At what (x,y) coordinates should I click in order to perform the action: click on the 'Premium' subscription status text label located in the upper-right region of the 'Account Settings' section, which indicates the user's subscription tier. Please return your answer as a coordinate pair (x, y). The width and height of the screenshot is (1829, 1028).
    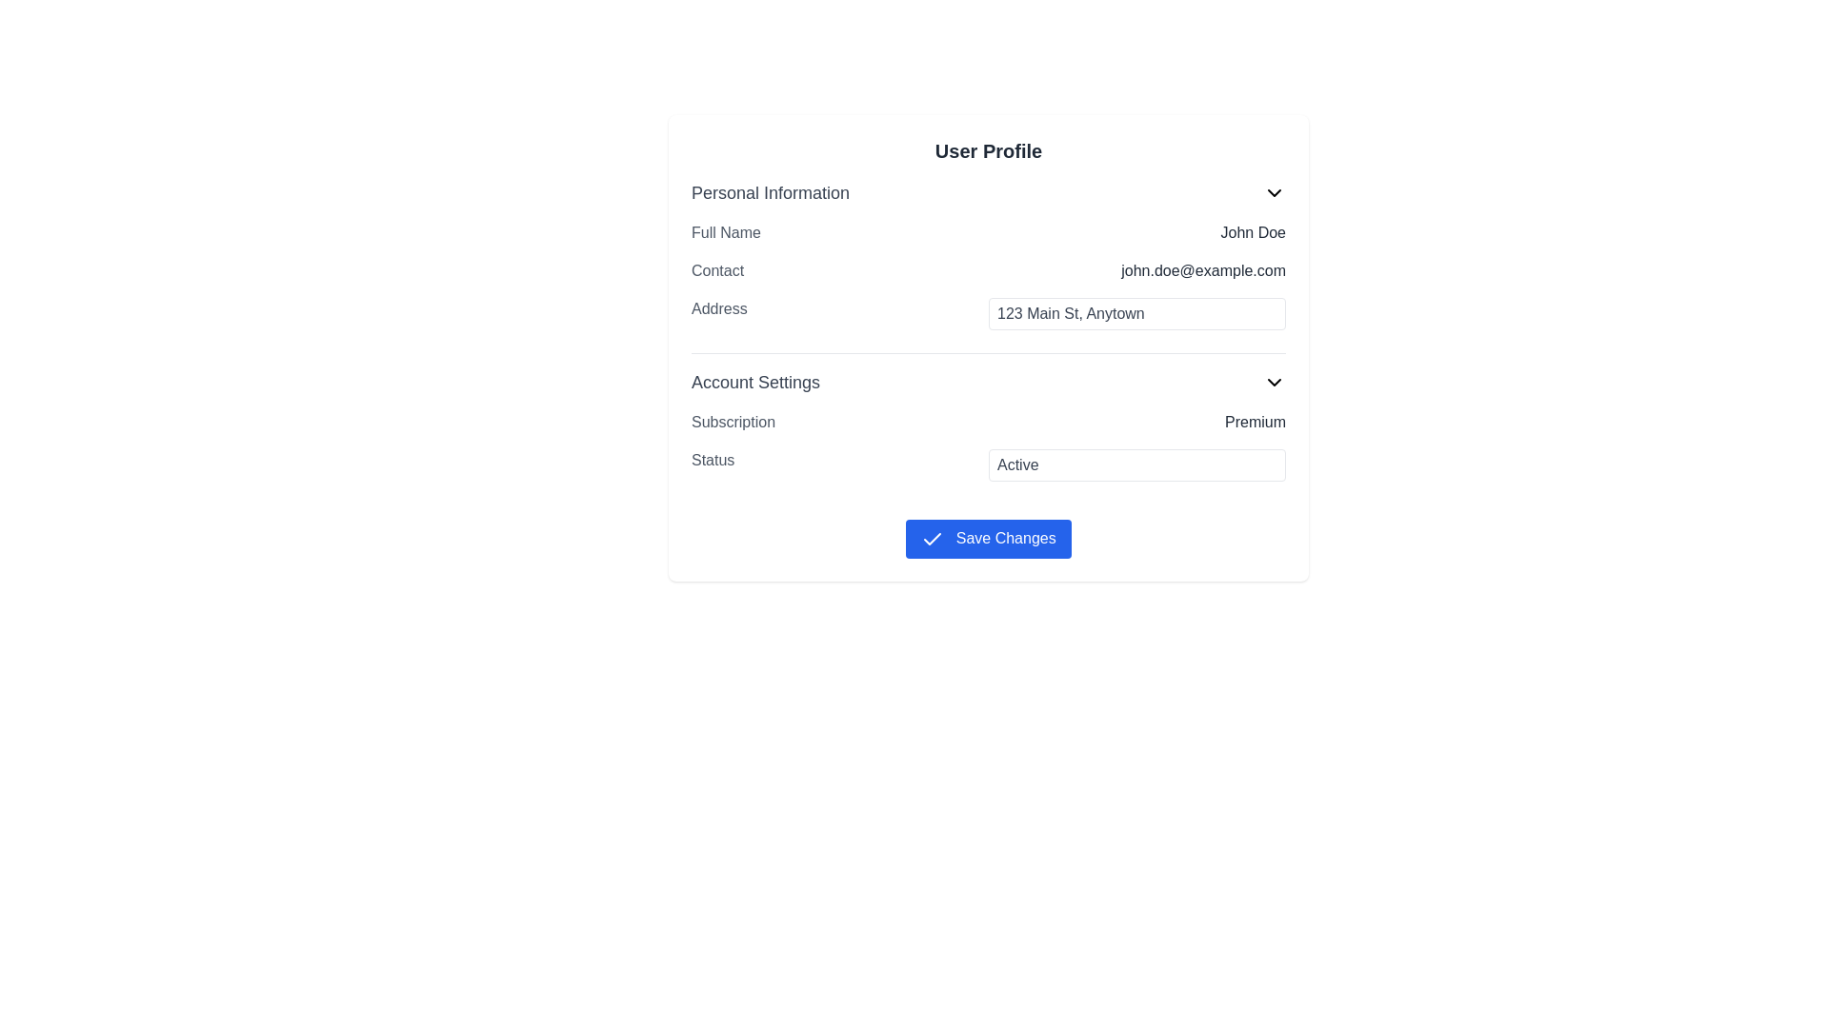
    Looking at the image, I should click on (1256, 421).